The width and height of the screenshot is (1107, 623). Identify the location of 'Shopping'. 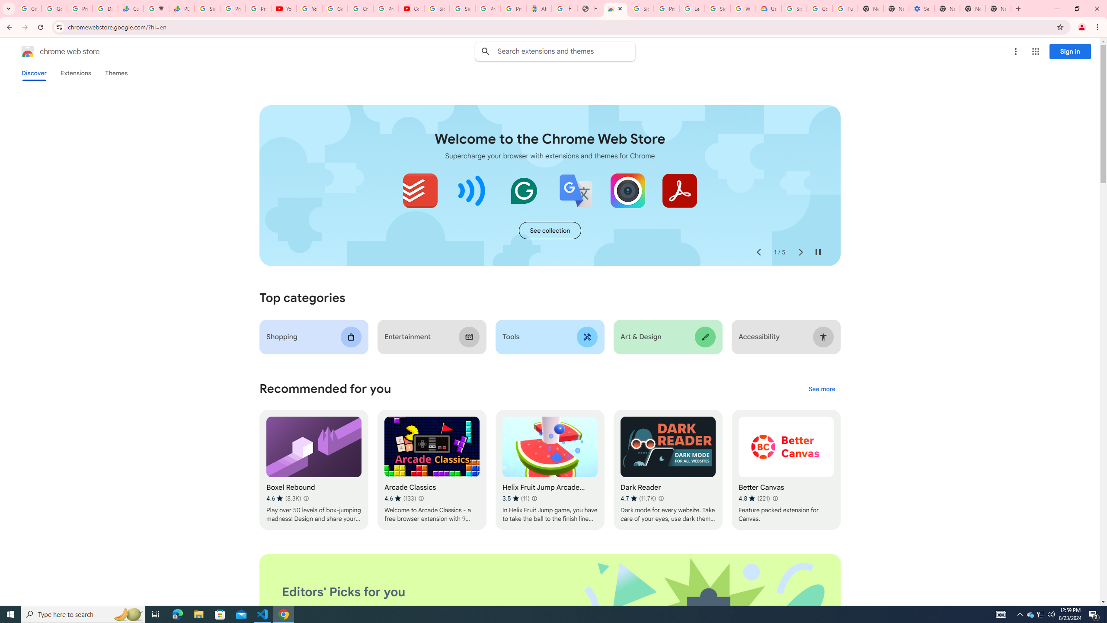
(314, 337).